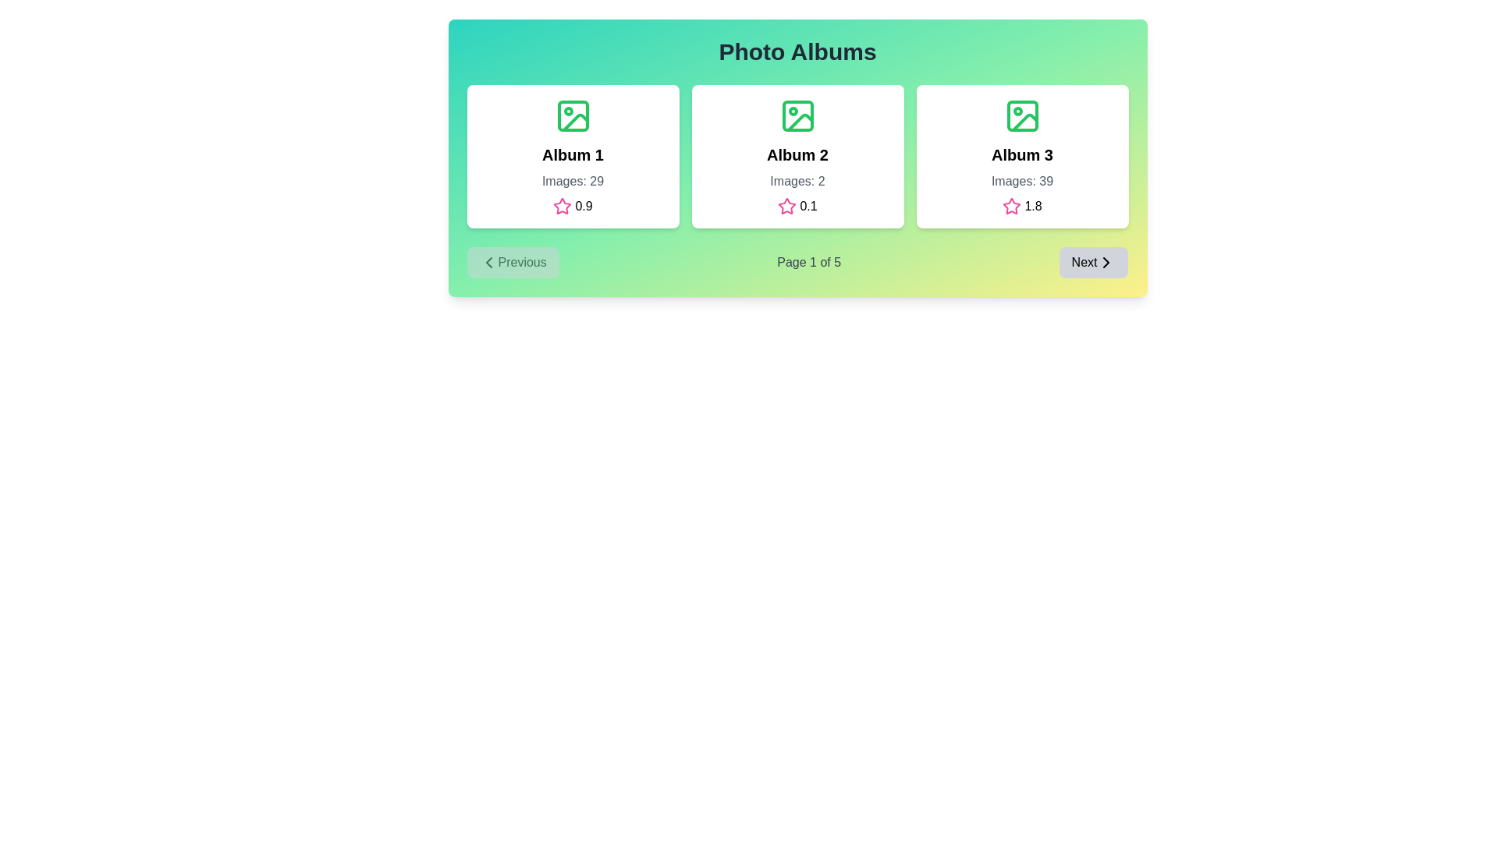  What do you see at coordinates (797, 51) in the screenshot?
I see `the title text element that indicates the context for the photo albums section, which is located at the top center of the interface` at bounding box center [797, 51].